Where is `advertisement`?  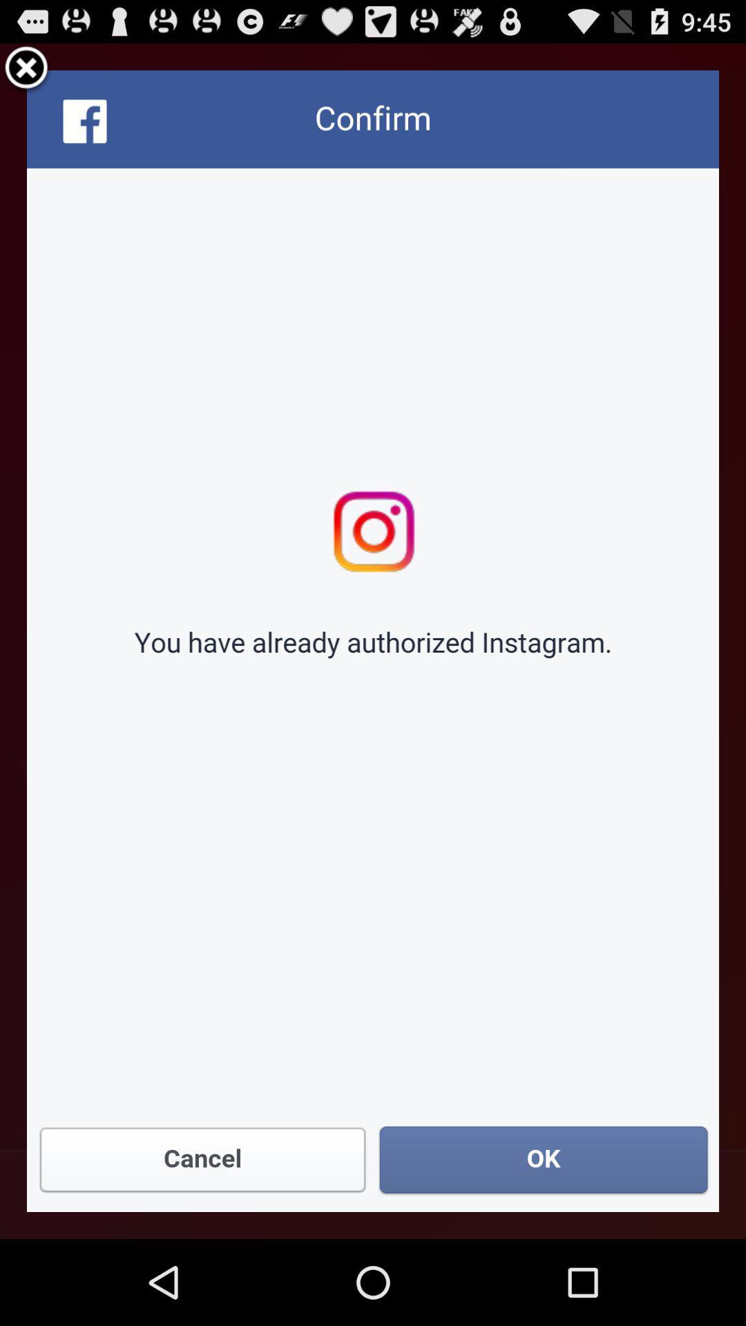 advertisement is located at coordinates (373, 640).